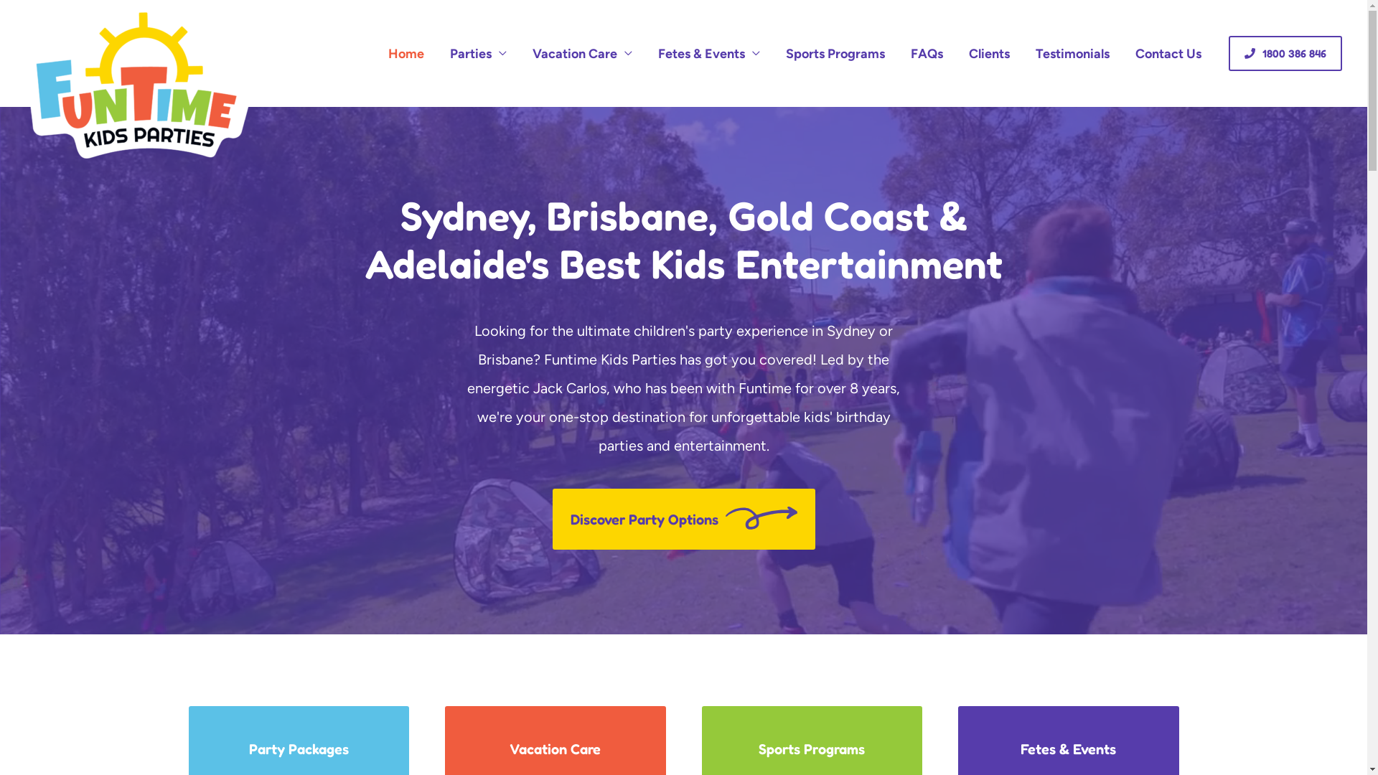 Image resolution: width=1378 pixels, height=775 pixels. What do you see at coordinates (478, 52) in the screenshot?
I see `'Parties'` at bounding box center [478, 52].